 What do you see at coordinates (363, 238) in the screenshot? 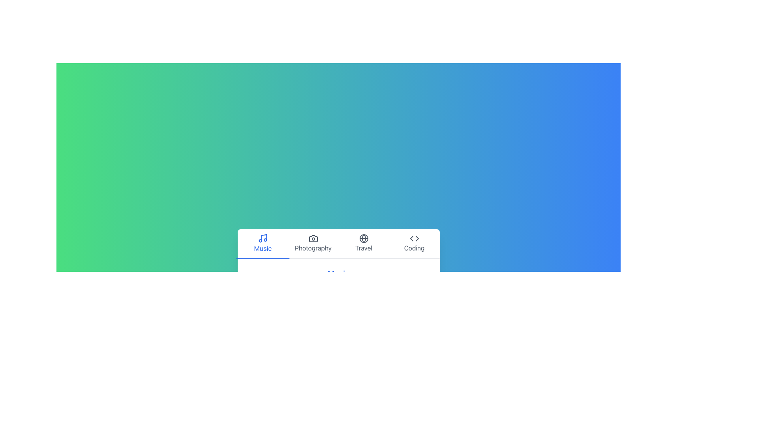
I see `the curved vertical line of the globe icon, which is centrally positioned within the icon and located to the right of the menu icons labeled Music, Photography, and Coding` at bounding box center [363, 238].